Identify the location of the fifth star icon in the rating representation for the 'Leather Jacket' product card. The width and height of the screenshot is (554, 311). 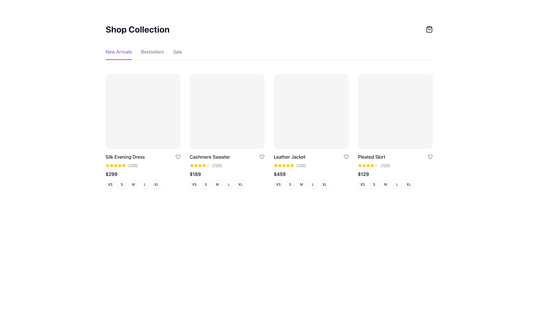
(292, 165).